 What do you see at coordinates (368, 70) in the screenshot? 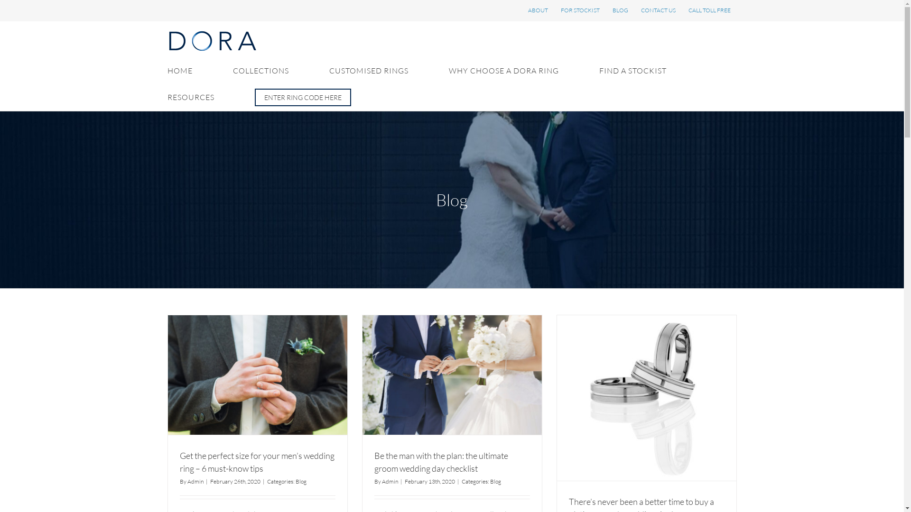
I see `'CUSTOMISED RINGS'` at bounding box center [368, 70].